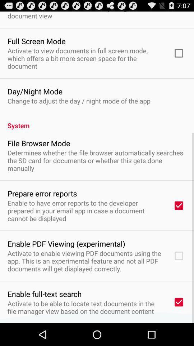  What do you see at coordinates (97, 121) in the screenshot?
I see `the app below change to adjust icon` at bounding box center [97, 121].